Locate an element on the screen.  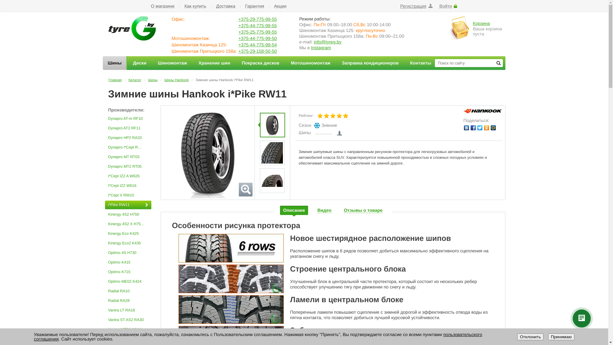
'i*Pike RW11' is located at coordinates (128, 205).